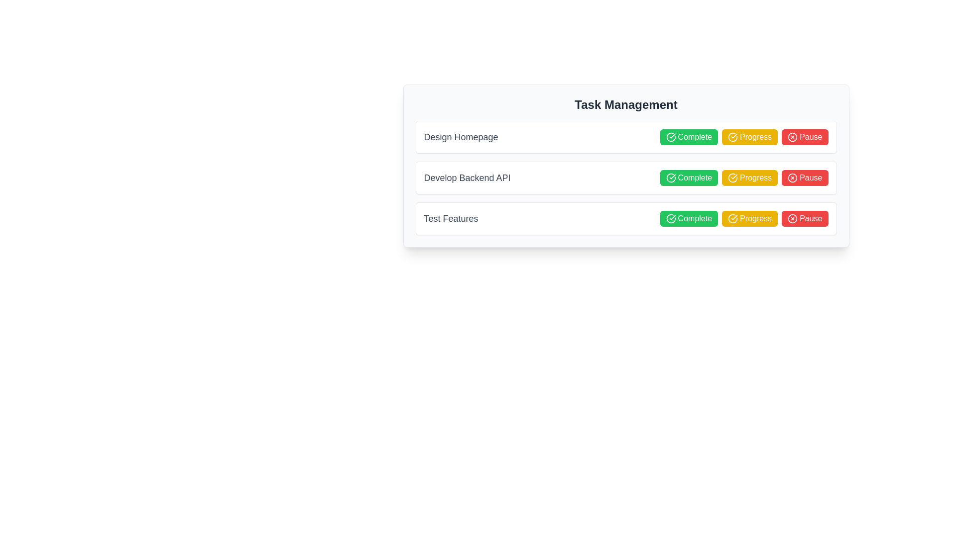 This screenshot has height=537, width=956. Describe the element at coordinates (805, 137) in the screenshot. I see `the 'Pause' button, which is the third button in the horizontal arrangement under 'Task Management'` at that location.